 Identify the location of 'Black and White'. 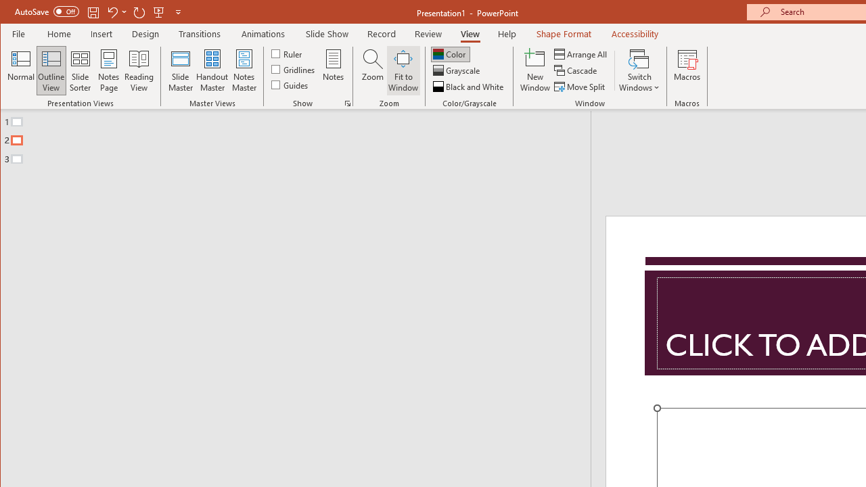
(470, 87).